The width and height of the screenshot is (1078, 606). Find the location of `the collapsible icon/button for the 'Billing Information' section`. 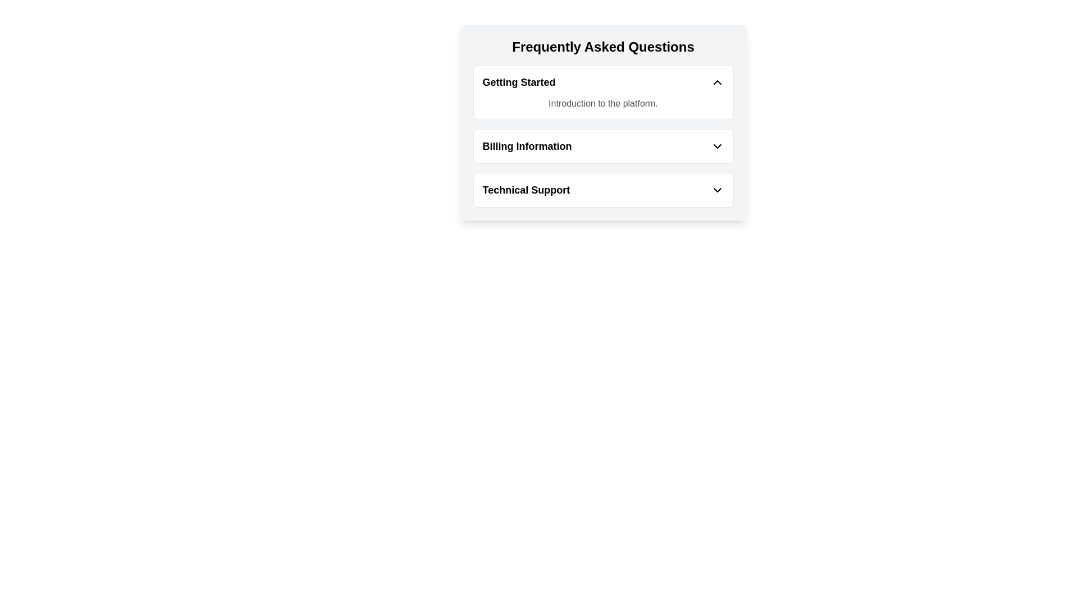

the collapsible icon/button for the 'Billing Information' section is located at coordinates (716, 146).